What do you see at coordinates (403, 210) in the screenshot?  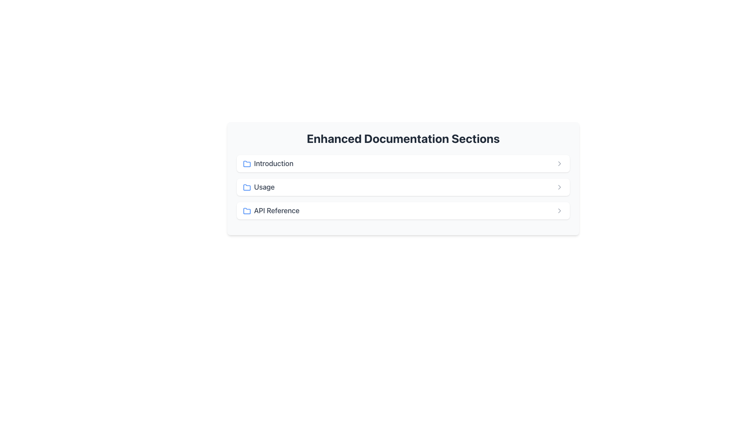 I see `the third list item labeled 'API Reference'` at bounding box center [403, 210].